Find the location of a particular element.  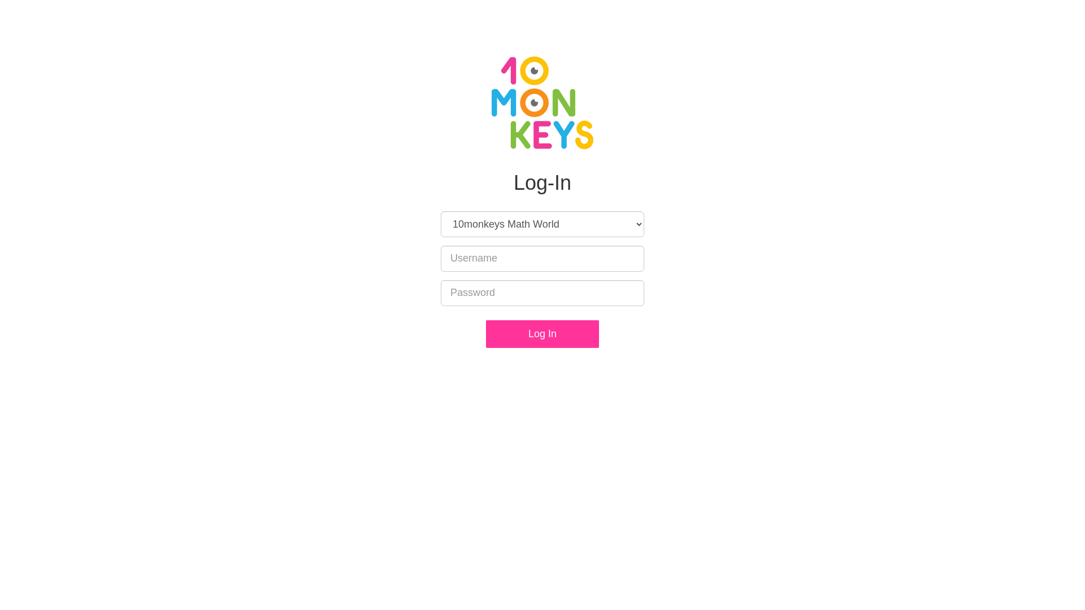

'Log In' is located at coordinates (542, 333).